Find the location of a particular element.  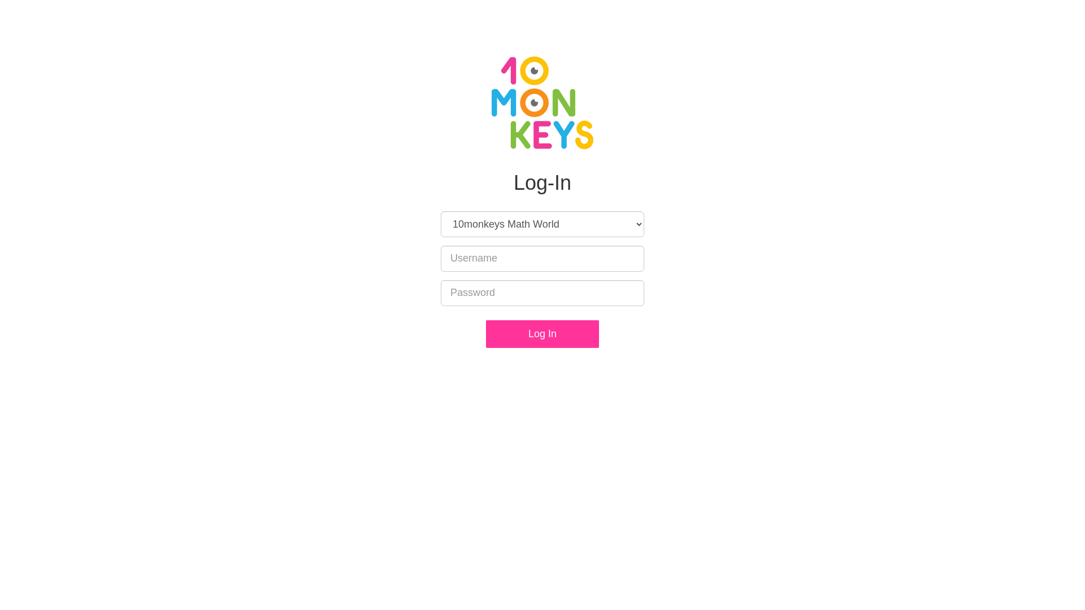

'Log In' is located at coordinates (542, 333).